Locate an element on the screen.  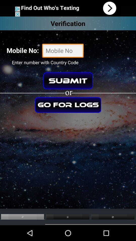
go for logs is located at coordinates (68, 104).